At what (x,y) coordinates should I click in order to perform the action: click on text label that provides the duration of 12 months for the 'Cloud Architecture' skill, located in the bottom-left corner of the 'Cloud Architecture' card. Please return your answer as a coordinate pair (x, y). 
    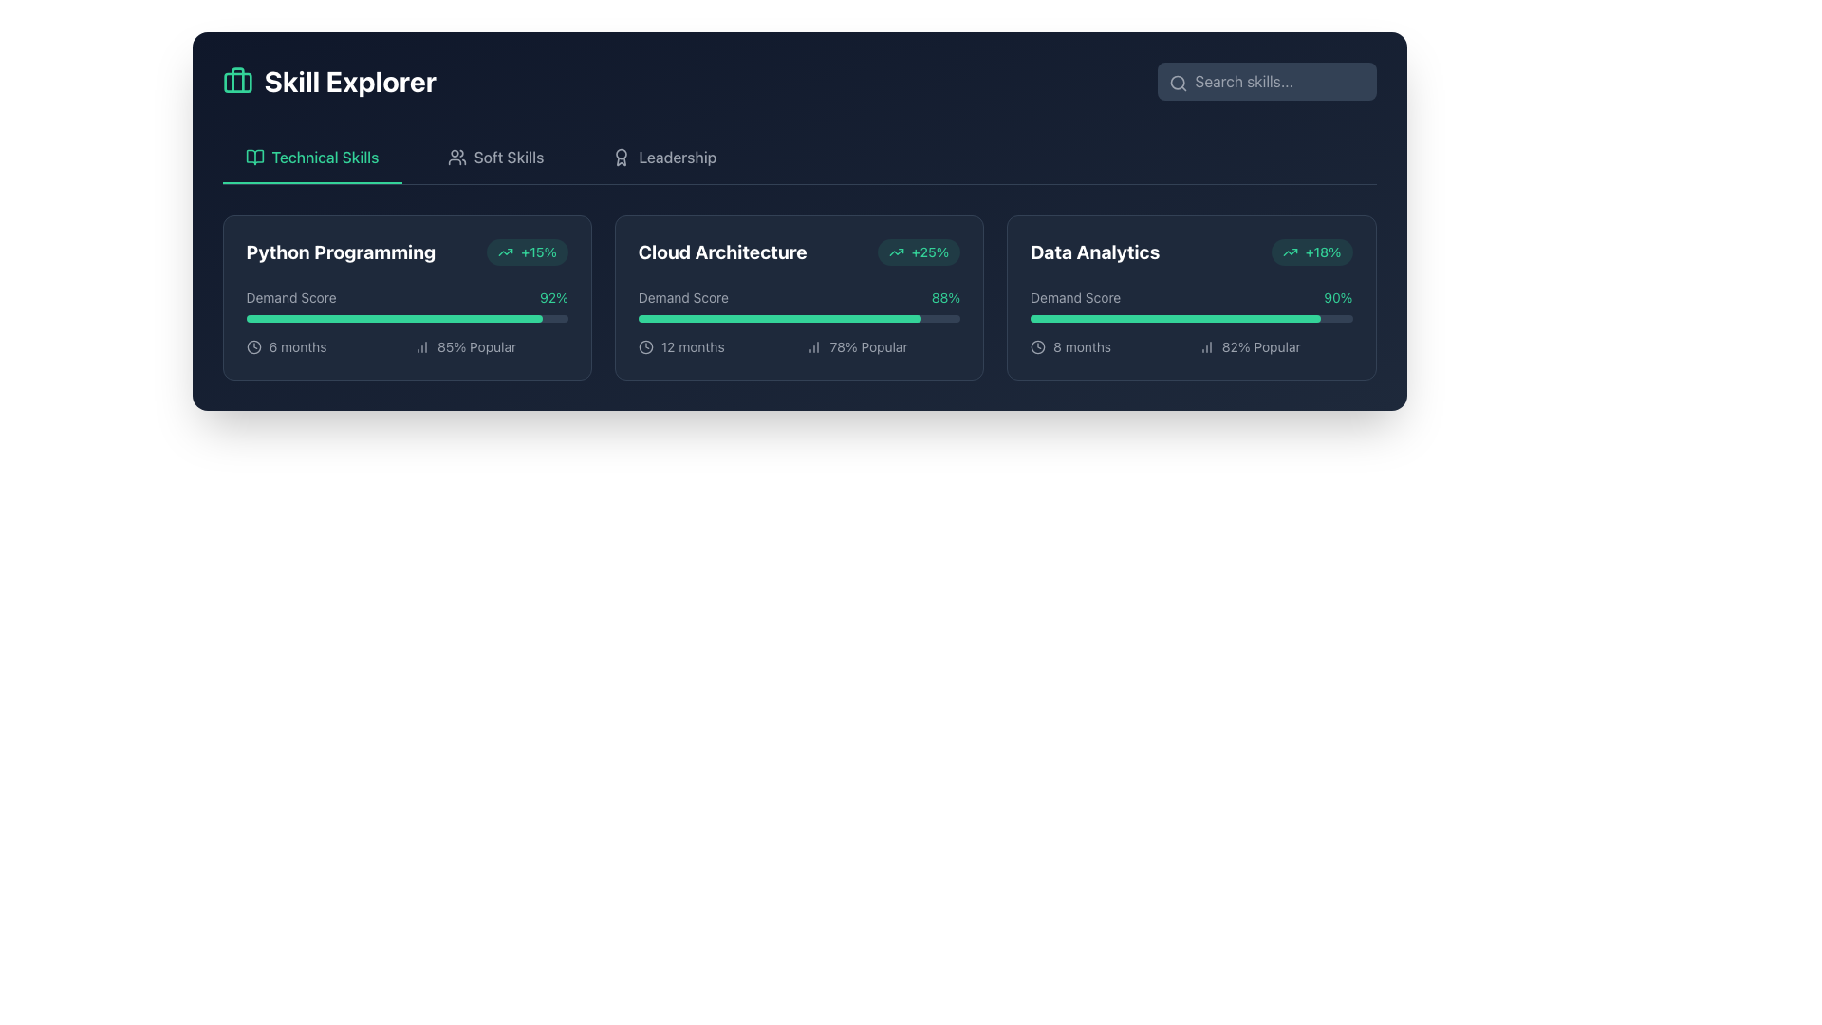
    Looking at the image, I should click on (692, 347).